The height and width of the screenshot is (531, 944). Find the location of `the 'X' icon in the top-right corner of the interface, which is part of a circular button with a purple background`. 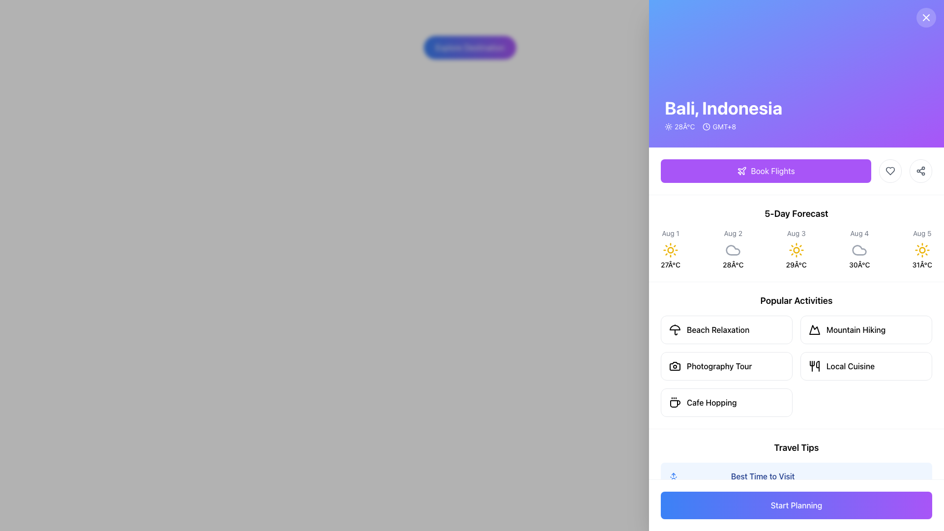

the 'X' icon in the top-right corner of the interface, which is part of a circular button with a purple background is located at coordinates (925, 17).